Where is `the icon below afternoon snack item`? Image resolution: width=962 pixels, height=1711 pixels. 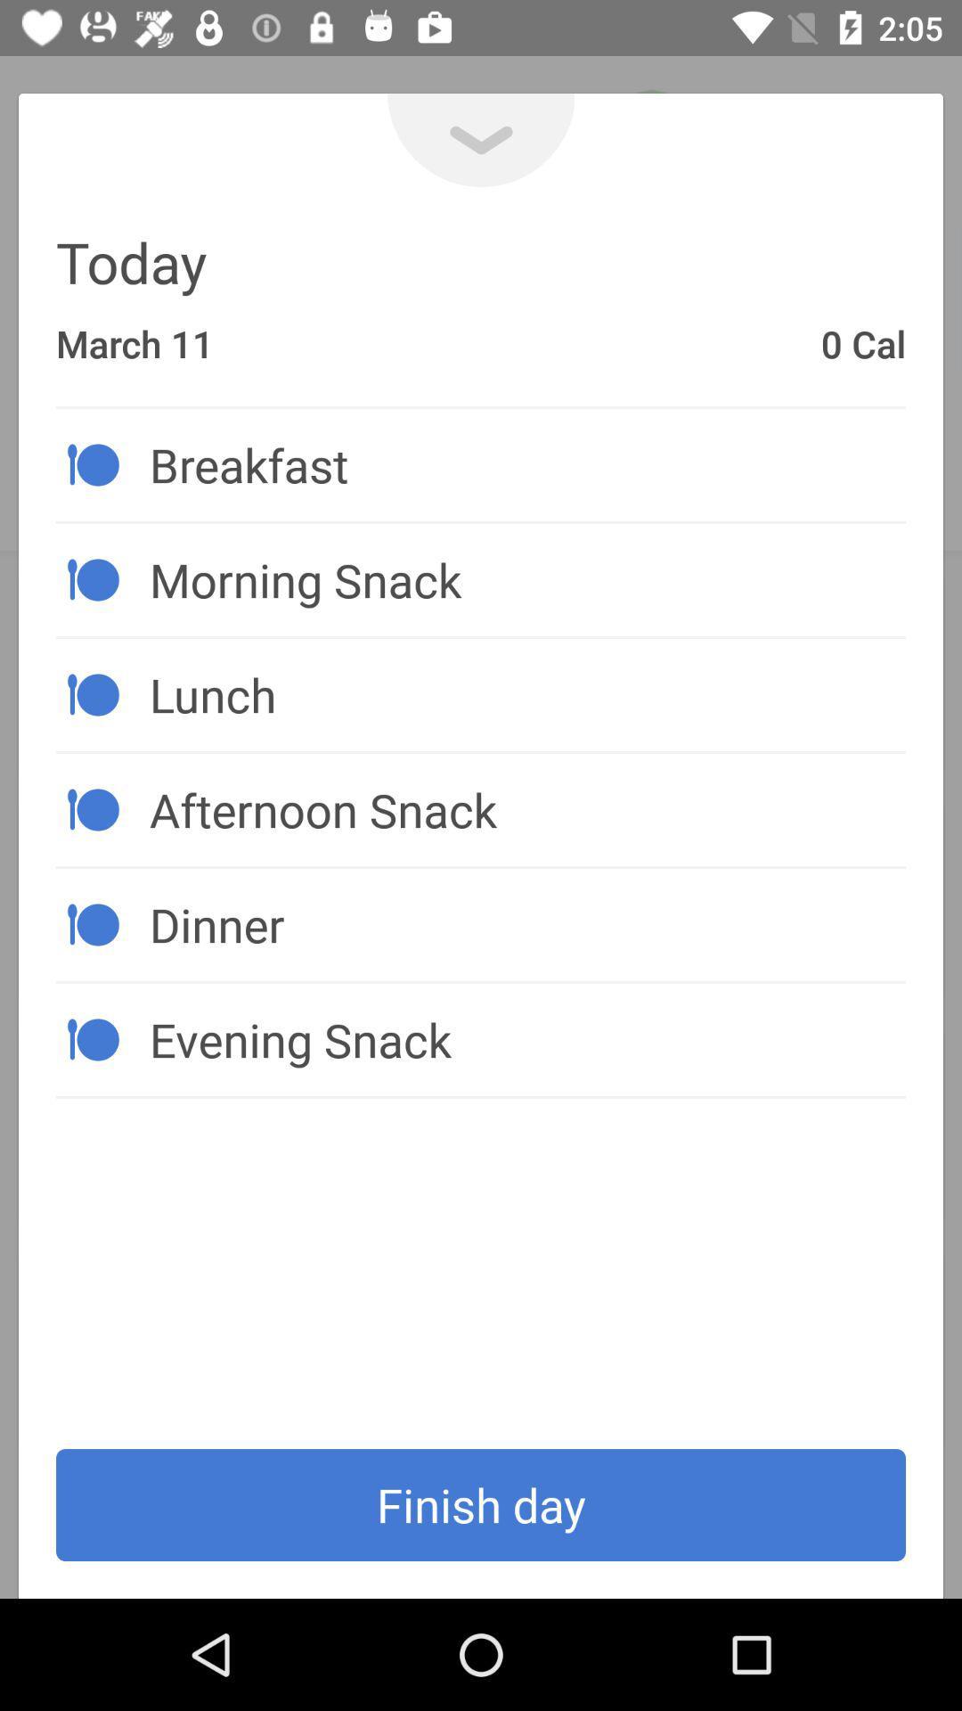 the icon below afternoon snack item is located at coordinates (526, 924).